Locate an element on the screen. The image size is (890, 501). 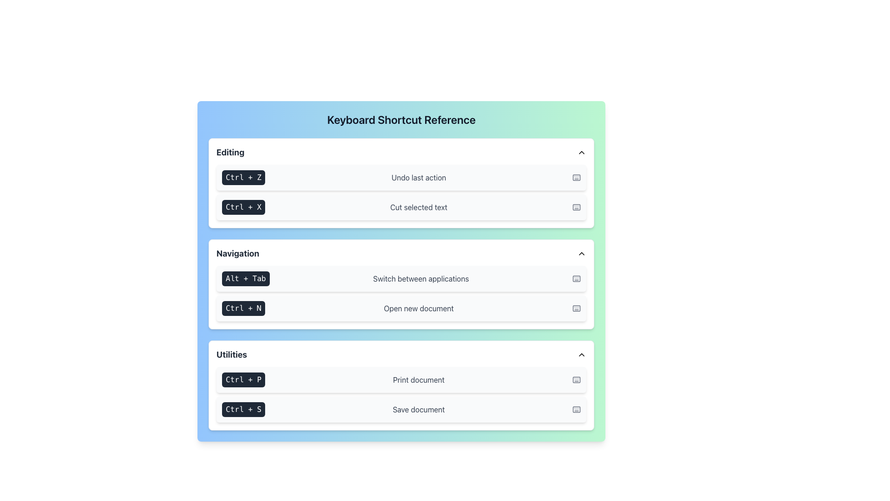
the descriptive text 'Undo last action' in the Informational display row under the 'Editing' section is located at coordinates (401, 177).